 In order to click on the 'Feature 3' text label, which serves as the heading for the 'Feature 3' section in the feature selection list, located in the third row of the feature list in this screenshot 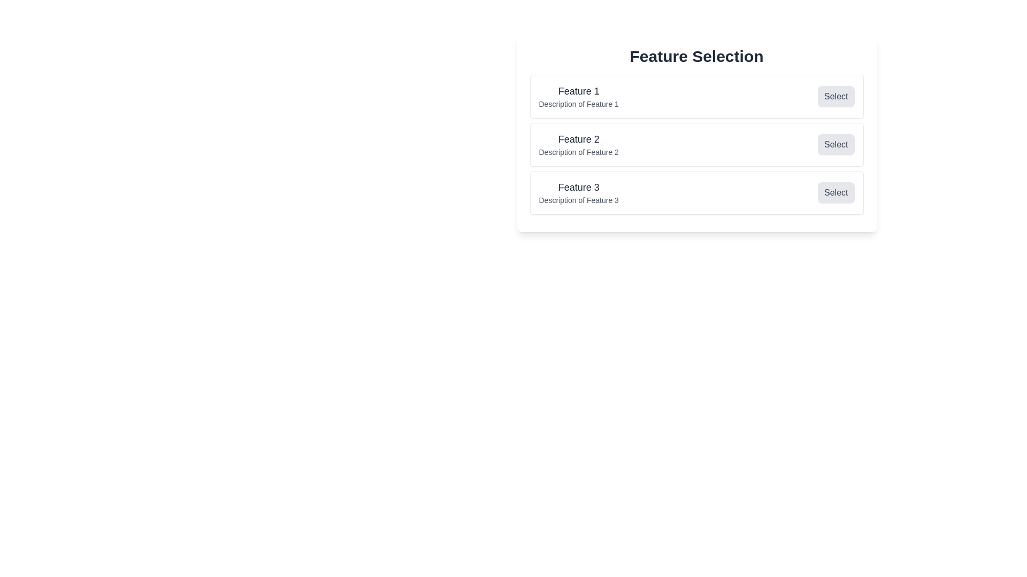, I will do `click(578, 187)`.